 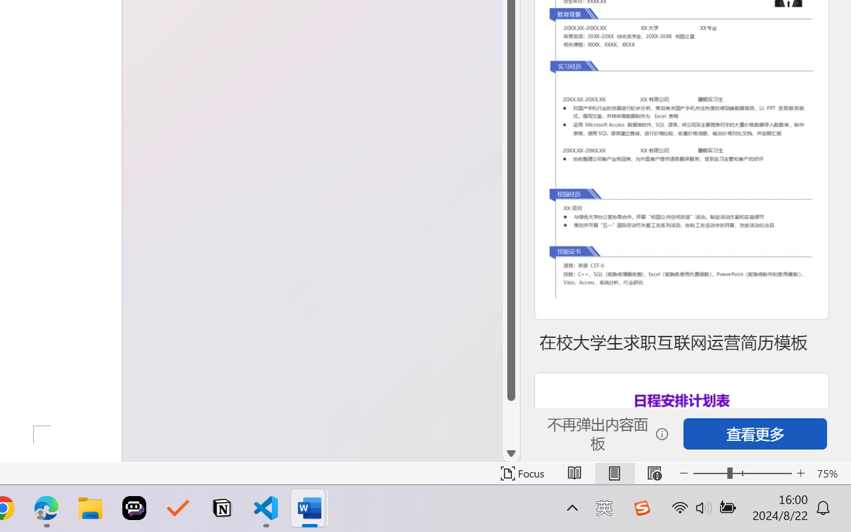 What do you see at coordinates (574, 473) in the screenshot?
I see `'Read Mode'` at bounding box center [574, 473].